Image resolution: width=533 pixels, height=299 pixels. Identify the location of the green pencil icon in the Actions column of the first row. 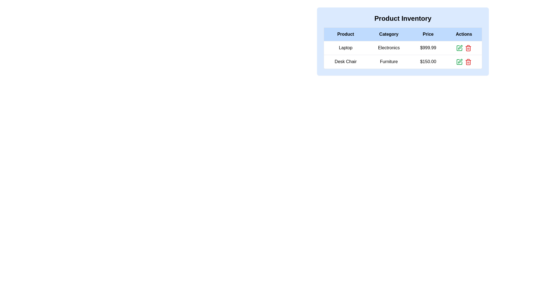
(464, 48).